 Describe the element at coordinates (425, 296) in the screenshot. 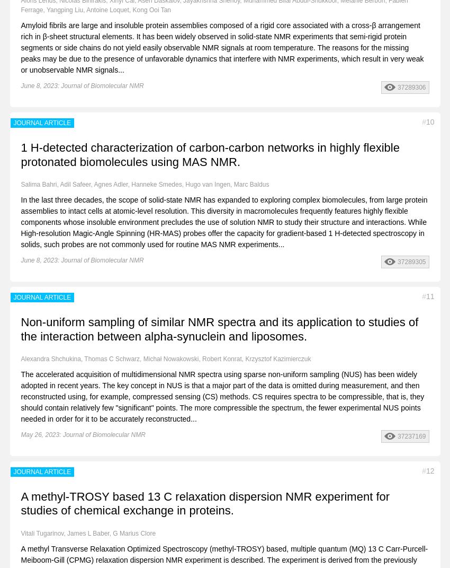

I see `'11'` at that location.